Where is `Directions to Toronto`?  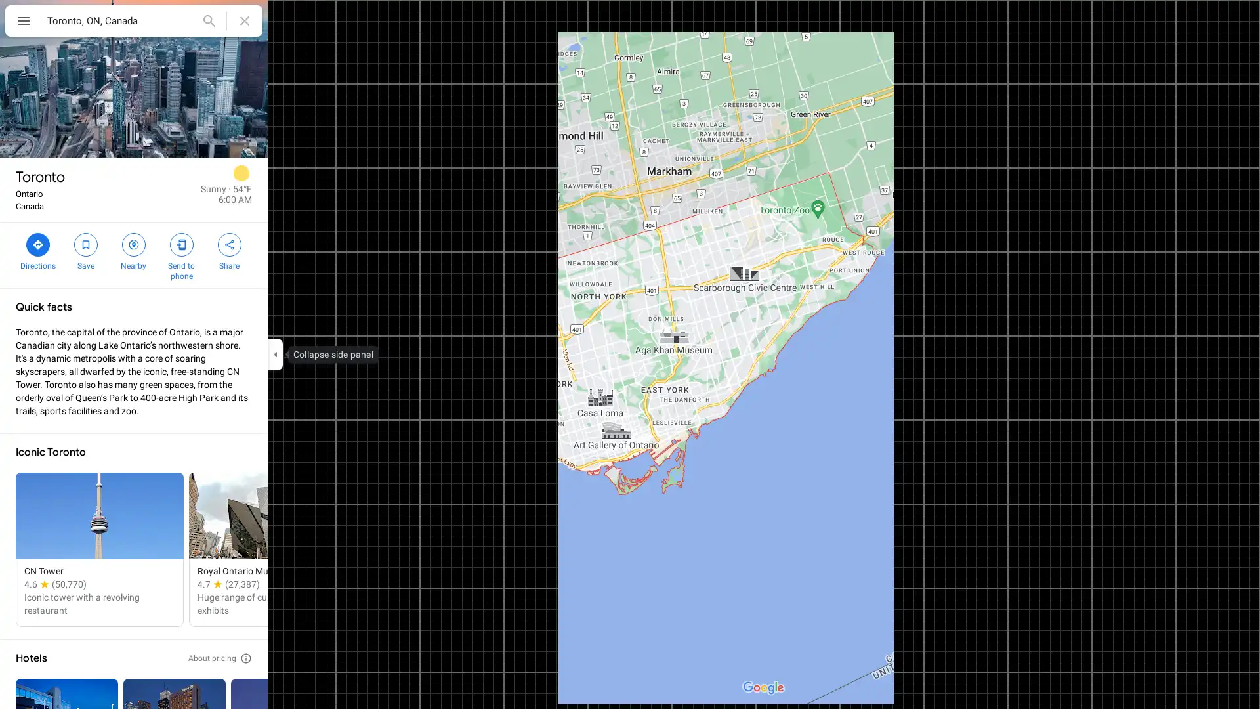 Directions to Toronto is located at coordinates (37, 250).